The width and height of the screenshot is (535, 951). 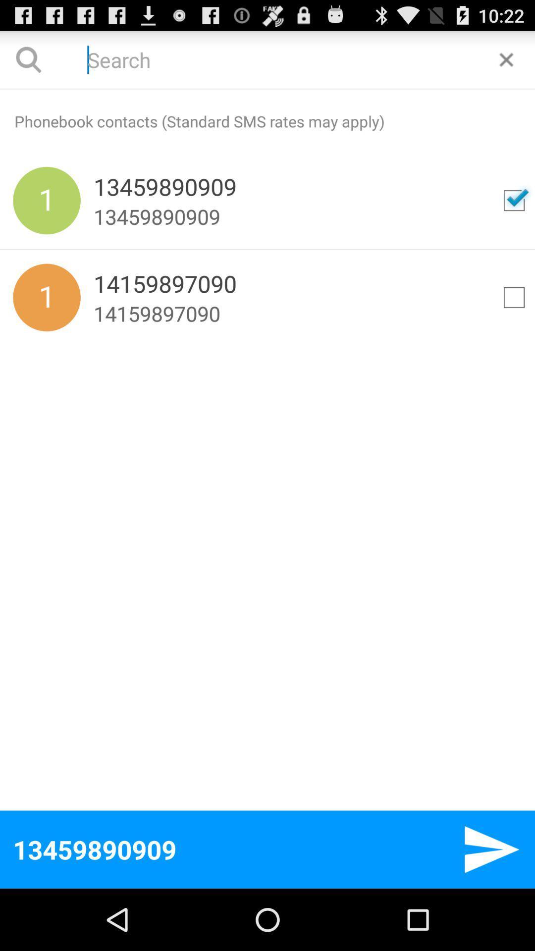 What do you see at coordinates (506, 59) in the screenshot?
I see `search query` at bounding box center [506, 59].